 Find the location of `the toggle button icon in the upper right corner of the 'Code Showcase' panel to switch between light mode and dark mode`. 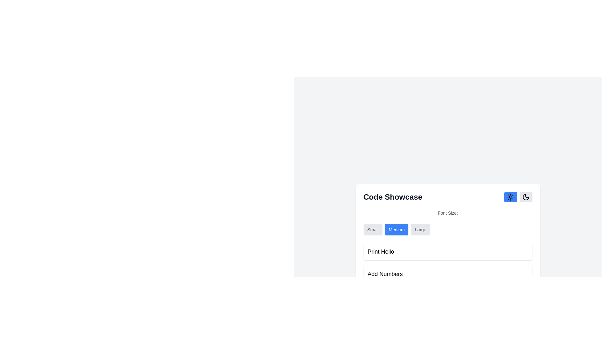

the toggle button icon in the upper right corner of the 'Code Showcase' panel to switch between light mode and dark mode is located at coordinates (526, 197).